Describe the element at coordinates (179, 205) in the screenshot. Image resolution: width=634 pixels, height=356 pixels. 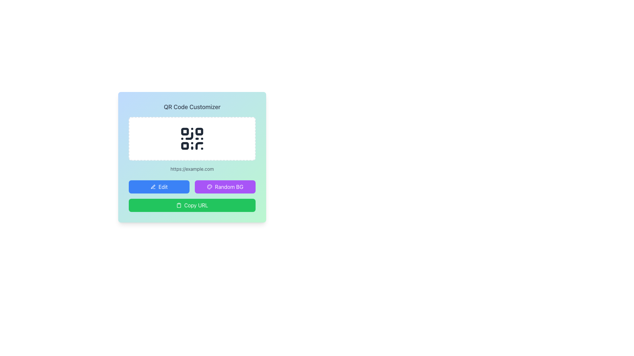
I see `the clipboard icon inside the green 'Copy URL' button, which is filled with a green background and has rounded corners, located to the left of the text` at that location.